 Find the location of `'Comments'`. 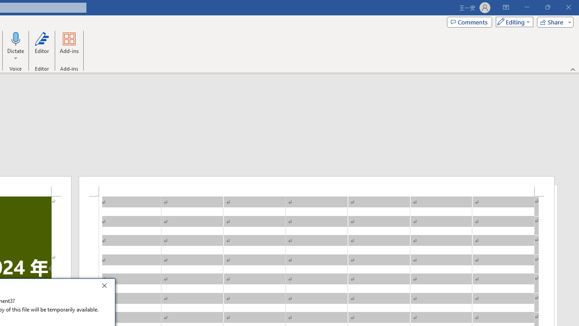

'Comments' is located at coordinates (470, 21).